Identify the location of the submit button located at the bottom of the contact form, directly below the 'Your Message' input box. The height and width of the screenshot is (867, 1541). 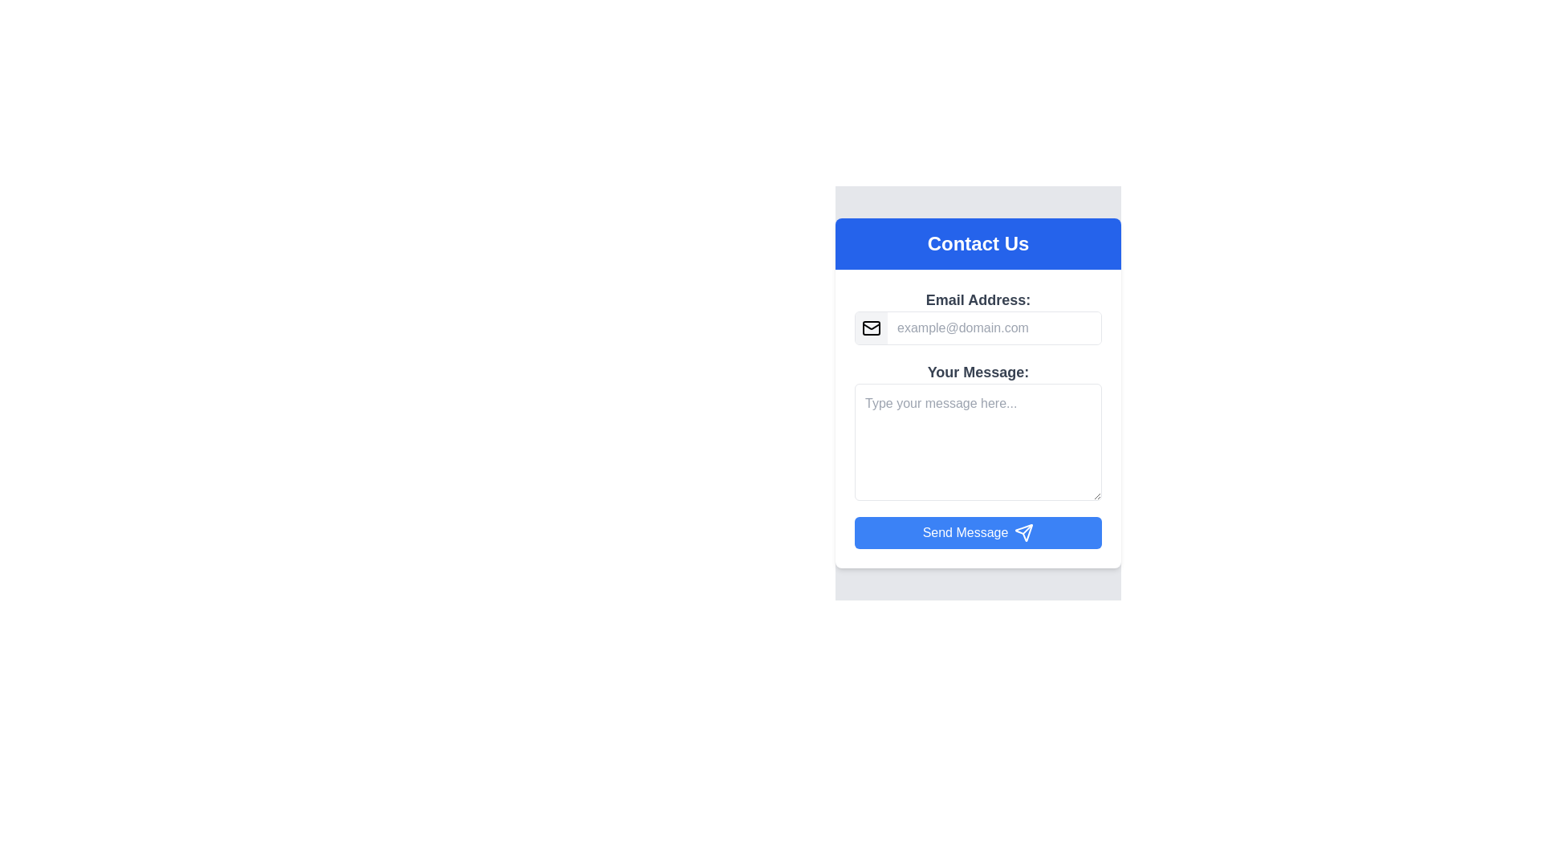
(978, 532).